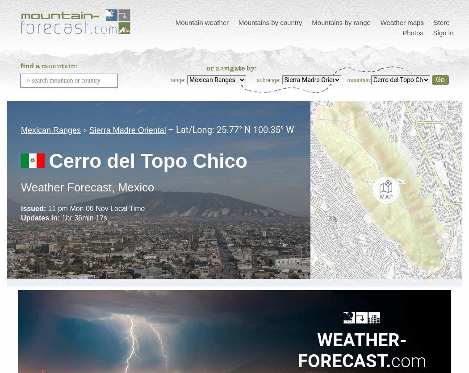  Describe the element at coordinates (358, 79) in the screenshot. I see `'mountain:'` at that location.